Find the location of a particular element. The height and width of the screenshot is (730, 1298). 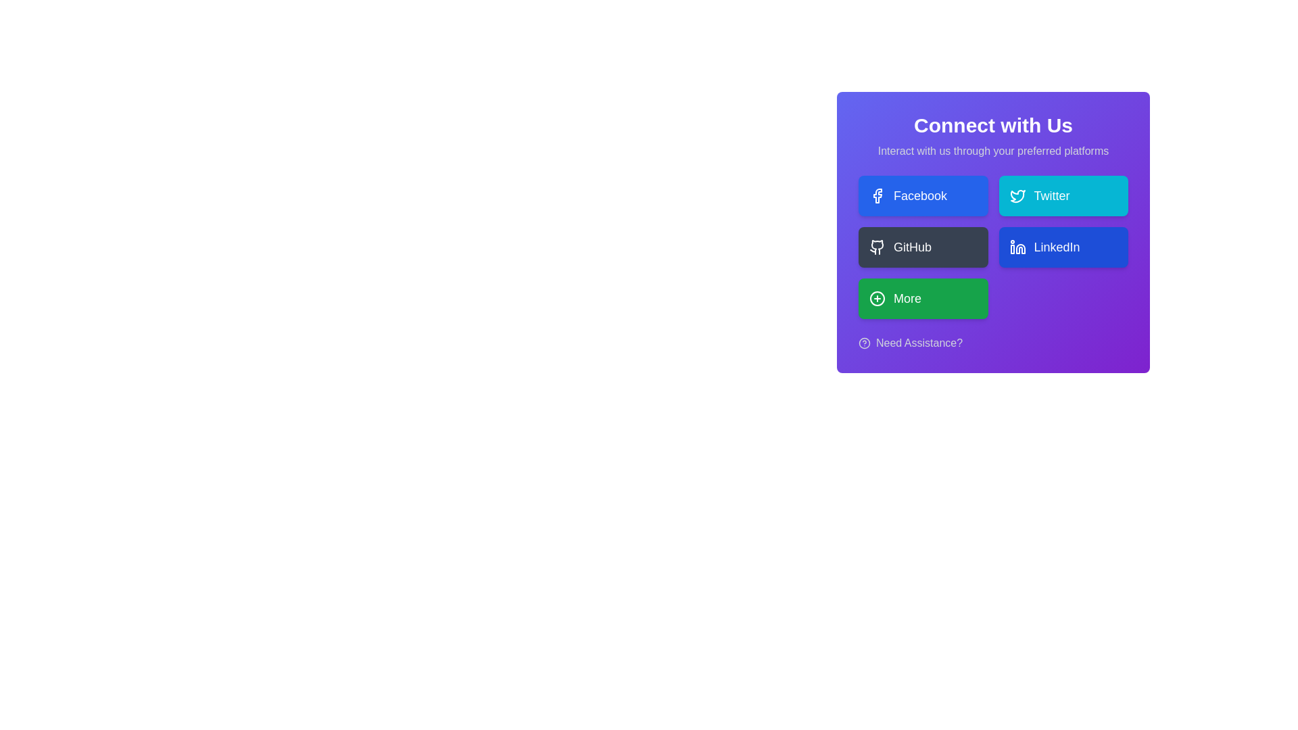

the circle element within the SVG graphic, which has a radius of 10 and is located near the bottom-right of the layout next to the 'Need Assistance?' label is located at coordinates (863, 343).